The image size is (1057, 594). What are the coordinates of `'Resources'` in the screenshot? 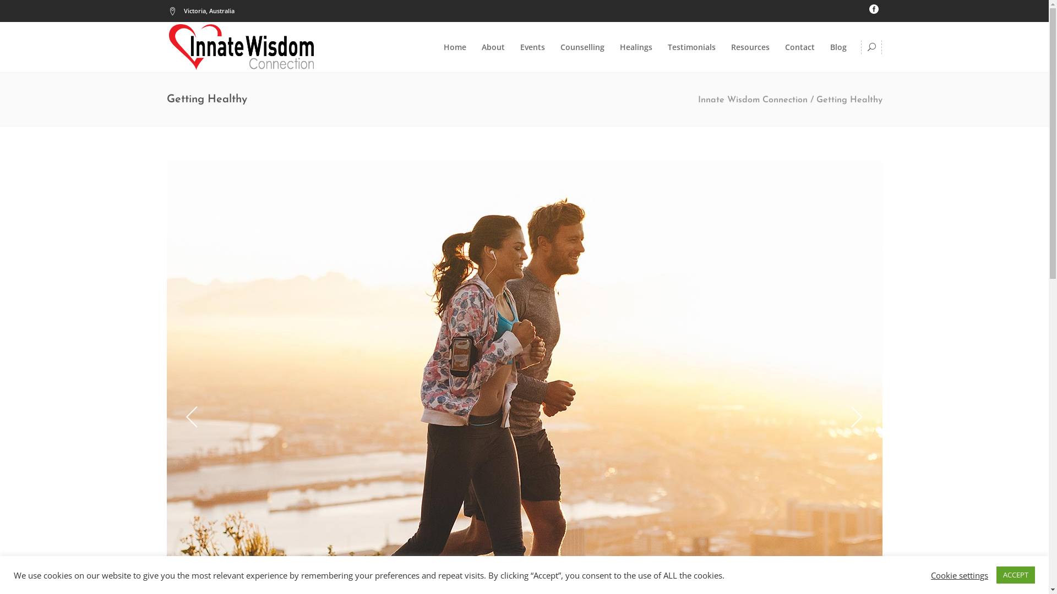 It's located at (750, 46).